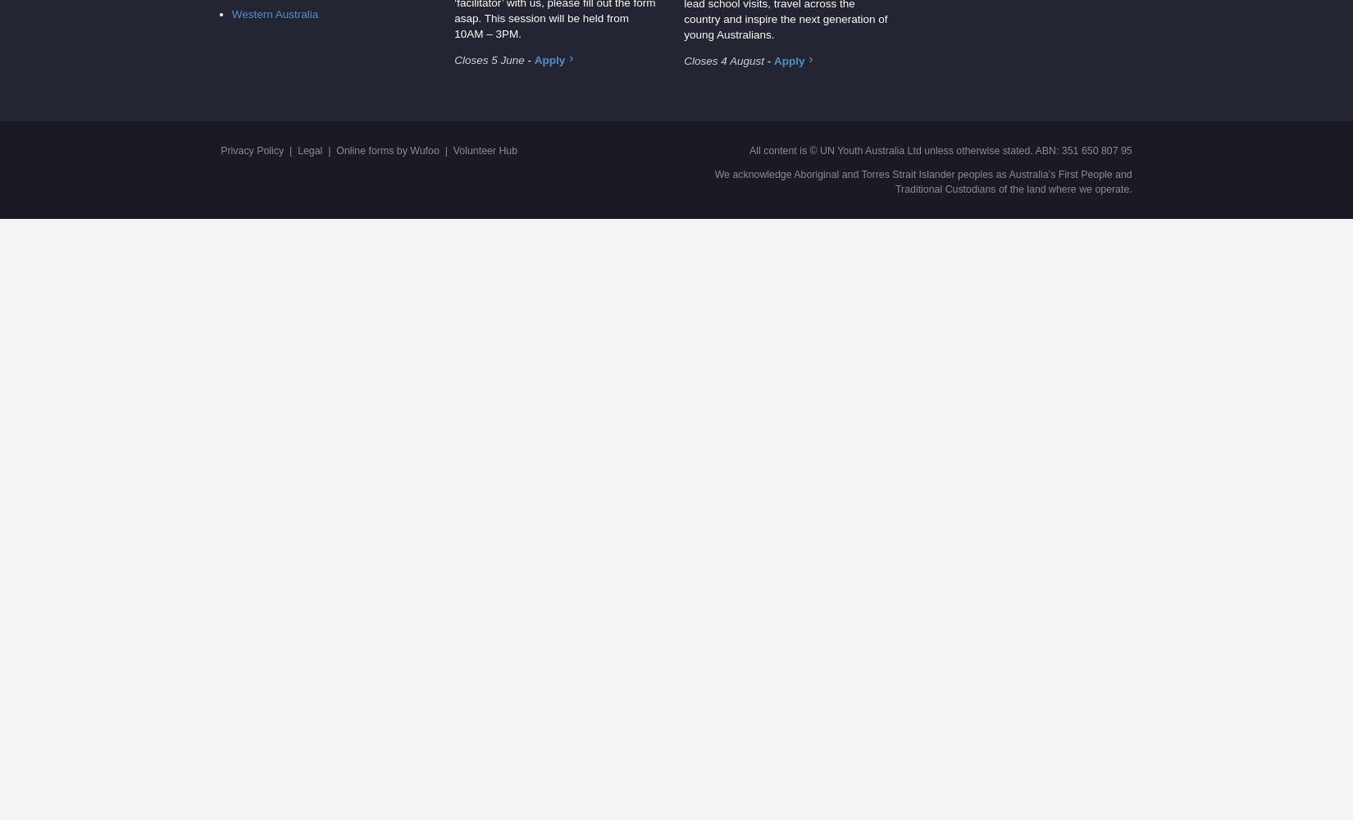 The width and height of the screenshot is (1353, 820). I want to click on 'Closes 4 August', so click(723, 60).